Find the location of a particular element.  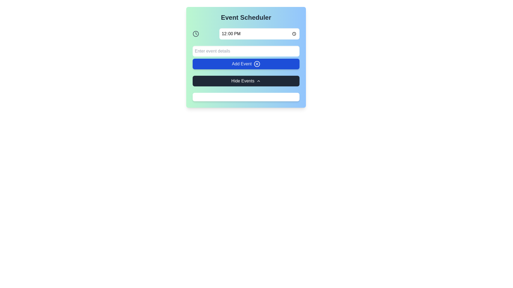

the chevron arrow icon within the 'Hide Events' button, which is positioned towards the right side of the button's text label is located at coordinates (259, 81).